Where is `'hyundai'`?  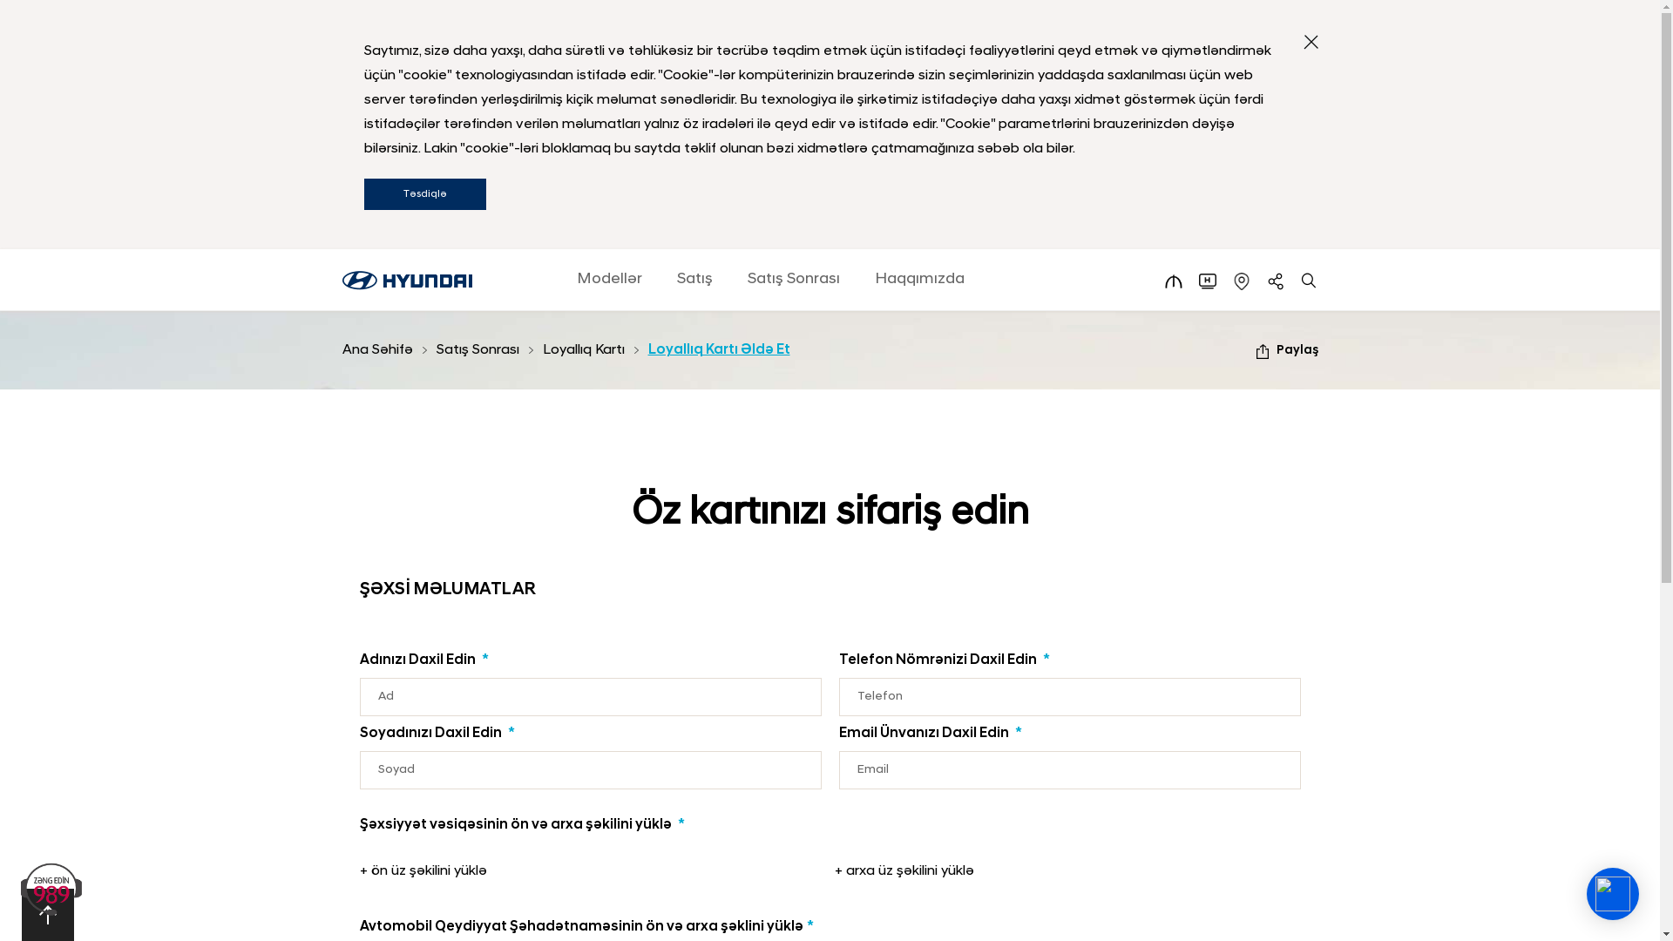 'hyundai' is located at coordinates (405, 279).